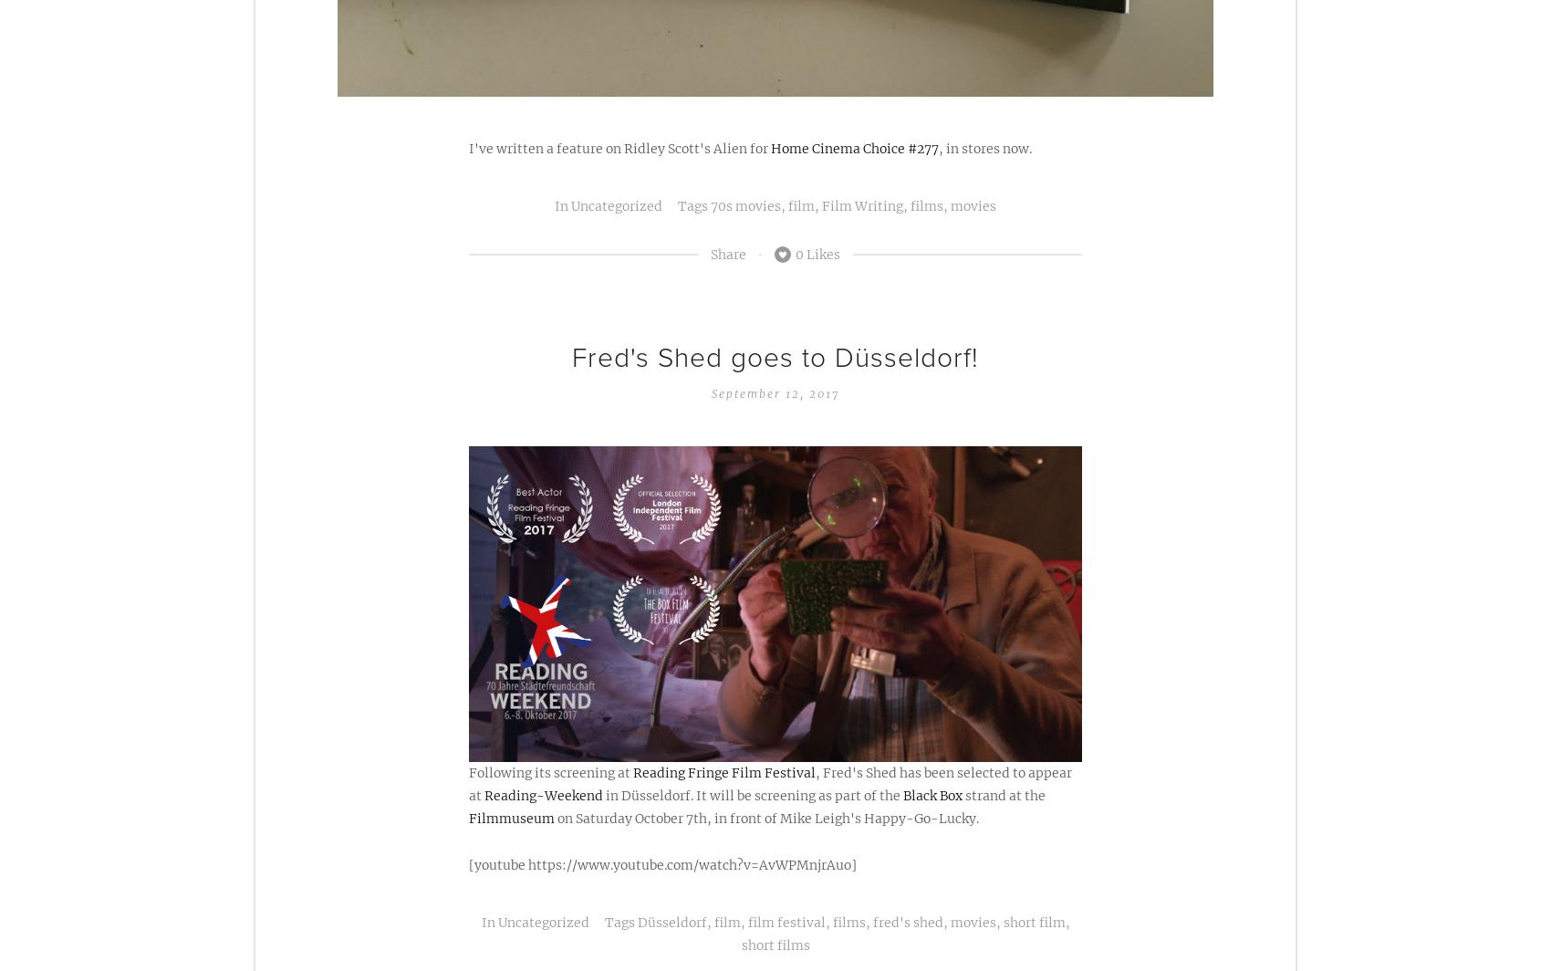  Describe the element at coordinates (962, 794) in the screenshot. I see `'strand at the'` at that location.